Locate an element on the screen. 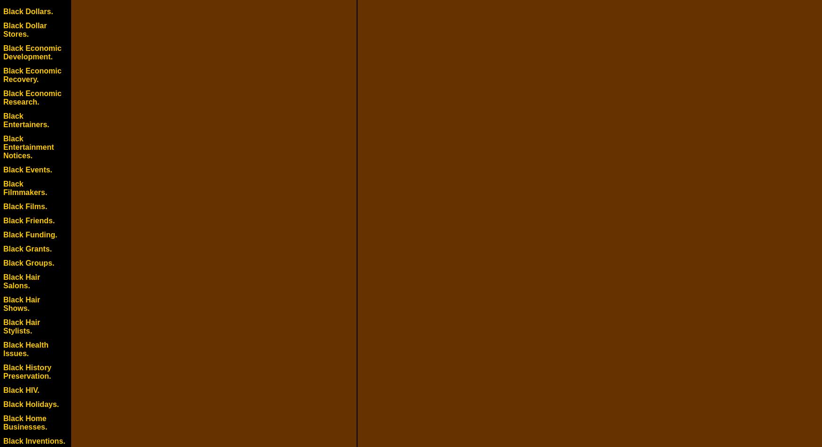 The image size is (822, 447). 'Black Friends.' is located at coordinates (28, 220).